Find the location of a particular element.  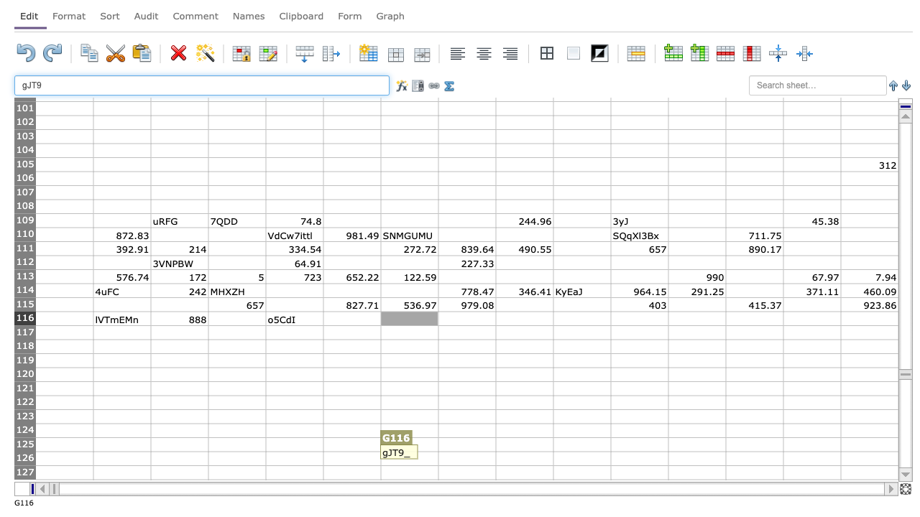

H126 is located at coordinates (466, 458).